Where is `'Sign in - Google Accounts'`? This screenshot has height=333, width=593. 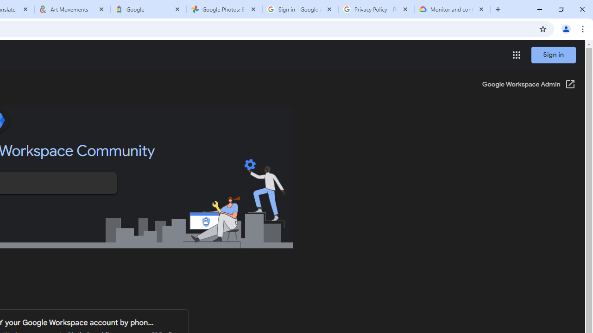 'Sign in - Google Accounts' is located at coordinates (300, 9).